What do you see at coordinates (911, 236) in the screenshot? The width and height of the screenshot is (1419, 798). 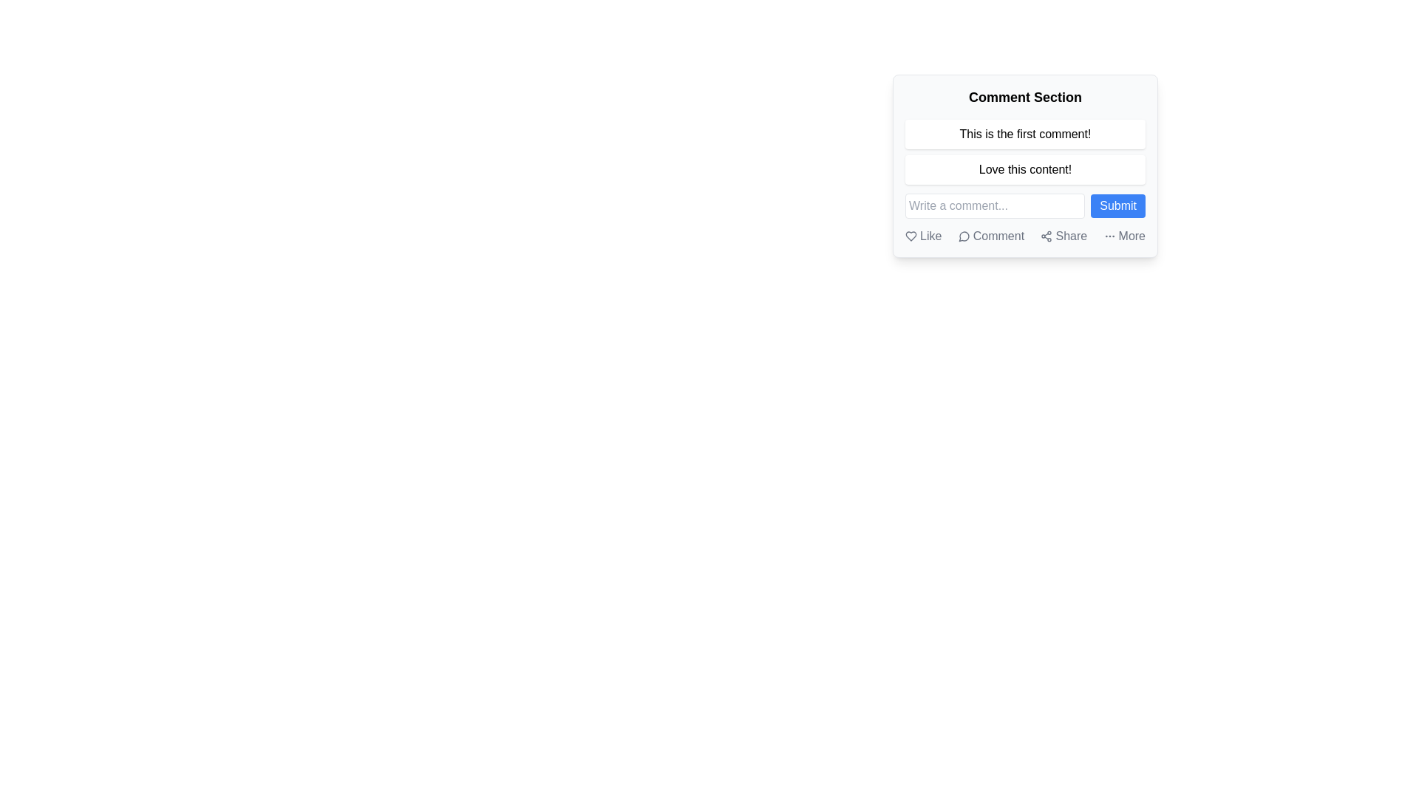 I see `the heart icon located in the lower-left corner of the comment controls to indicate a 'like' for the comment` at bounding box center [911, 236].